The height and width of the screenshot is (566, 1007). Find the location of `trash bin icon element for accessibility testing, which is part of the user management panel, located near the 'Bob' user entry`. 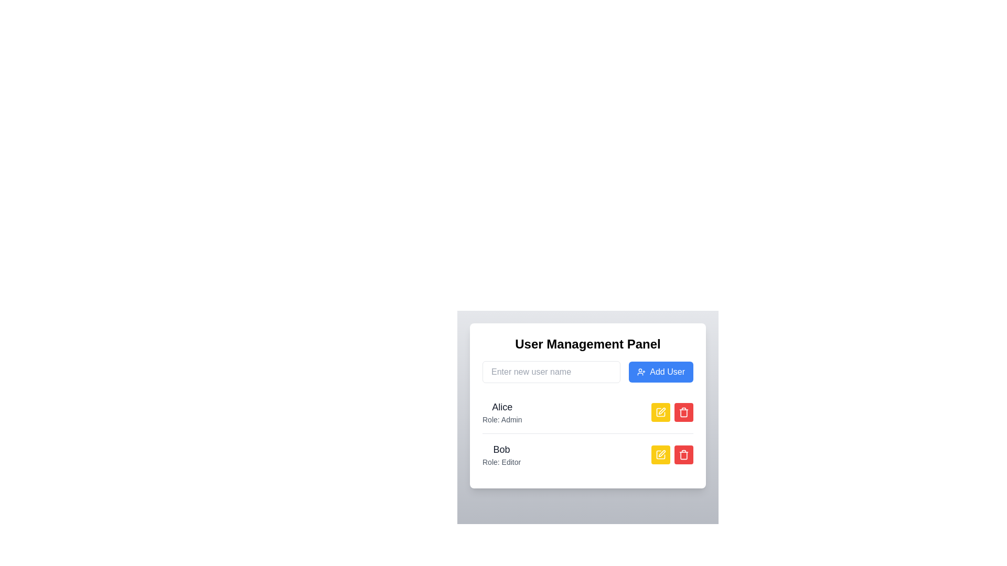

trash bin icon element for accessibility testing, which is part of the user management panel, located near the 'Bob' user entry is located at coordinates (684, 412).